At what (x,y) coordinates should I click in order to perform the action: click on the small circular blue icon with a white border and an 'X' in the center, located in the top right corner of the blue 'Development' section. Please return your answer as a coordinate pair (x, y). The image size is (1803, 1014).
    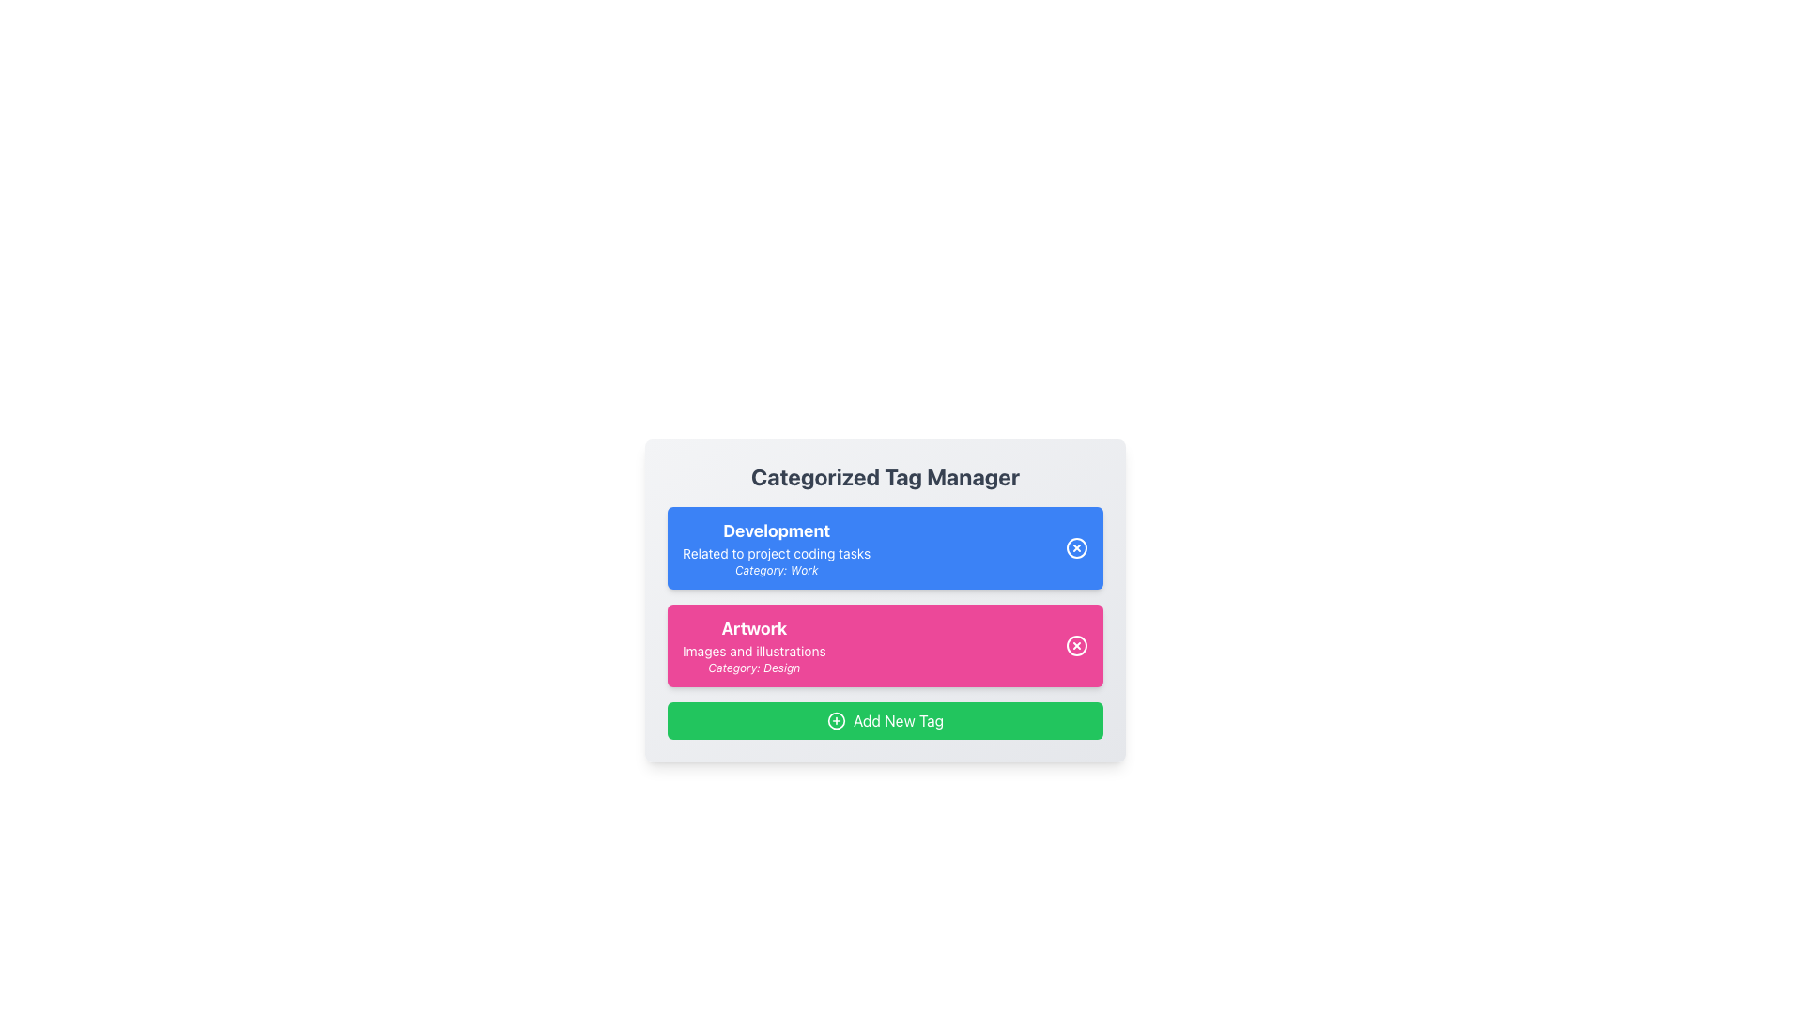
    Looking at the image, I should click on (1077, 547).